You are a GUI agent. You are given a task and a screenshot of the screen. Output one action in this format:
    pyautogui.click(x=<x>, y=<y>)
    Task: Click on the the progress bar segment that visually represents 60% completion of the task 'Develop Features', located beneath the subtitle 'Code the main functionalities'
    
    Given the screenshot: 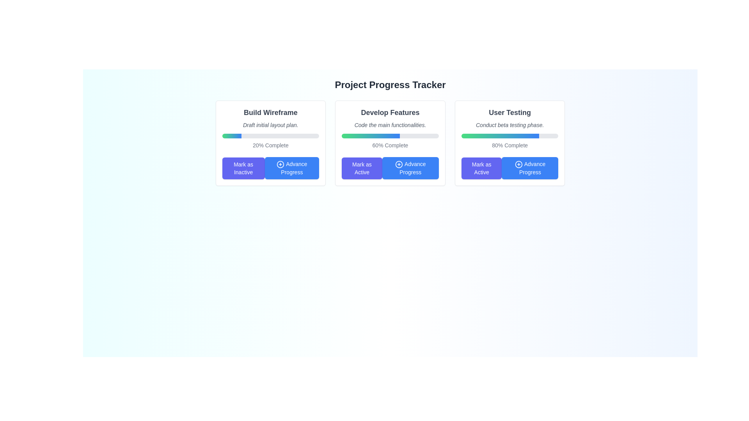 What is the action you would take?
    pyautogui.click(x=370, y=135)
    